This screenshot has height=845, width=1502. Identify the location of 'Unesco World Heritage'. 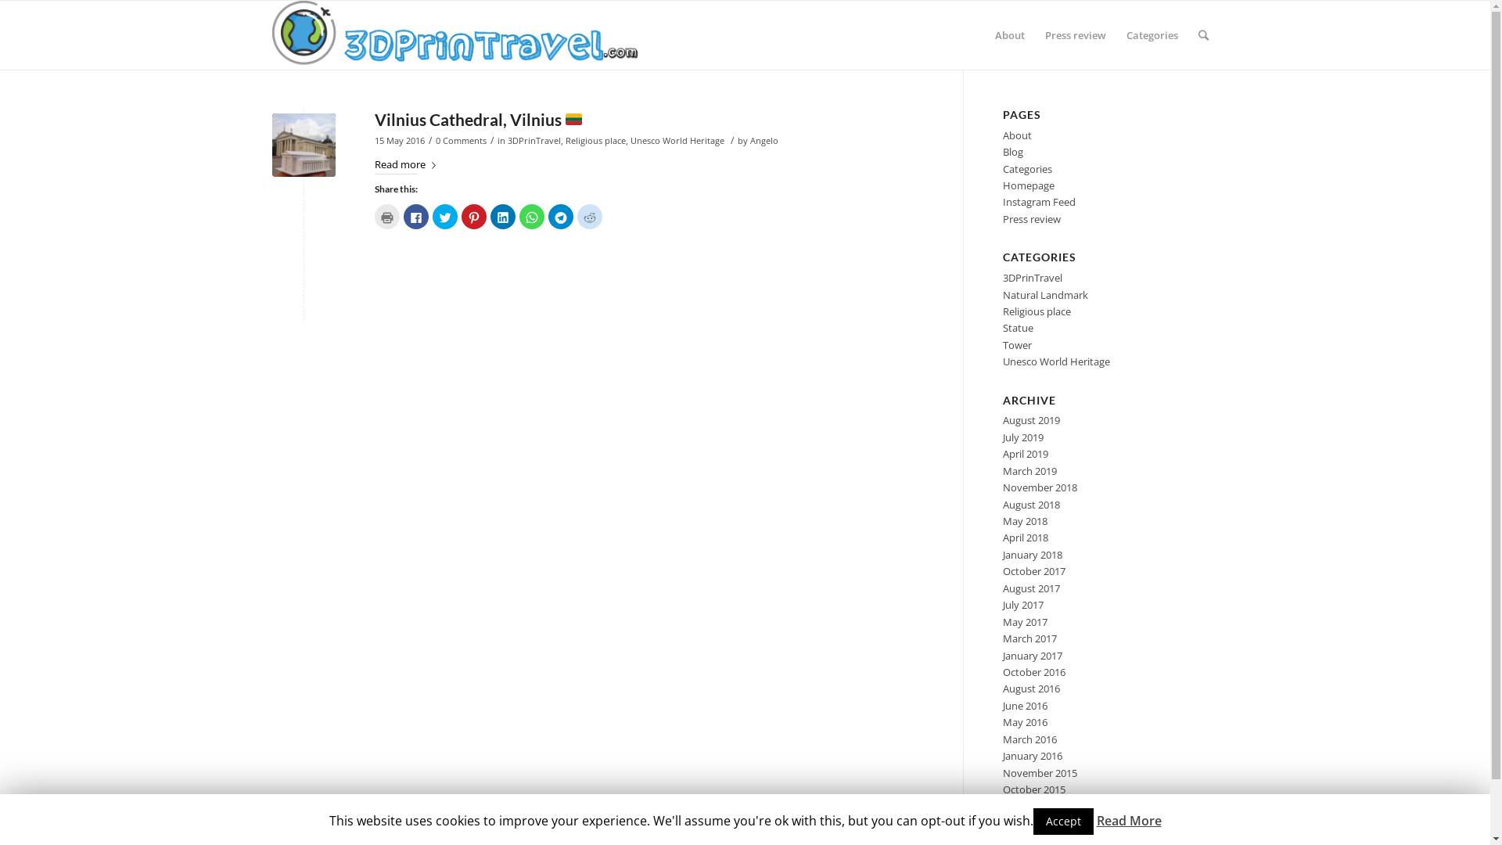
(677, 141).